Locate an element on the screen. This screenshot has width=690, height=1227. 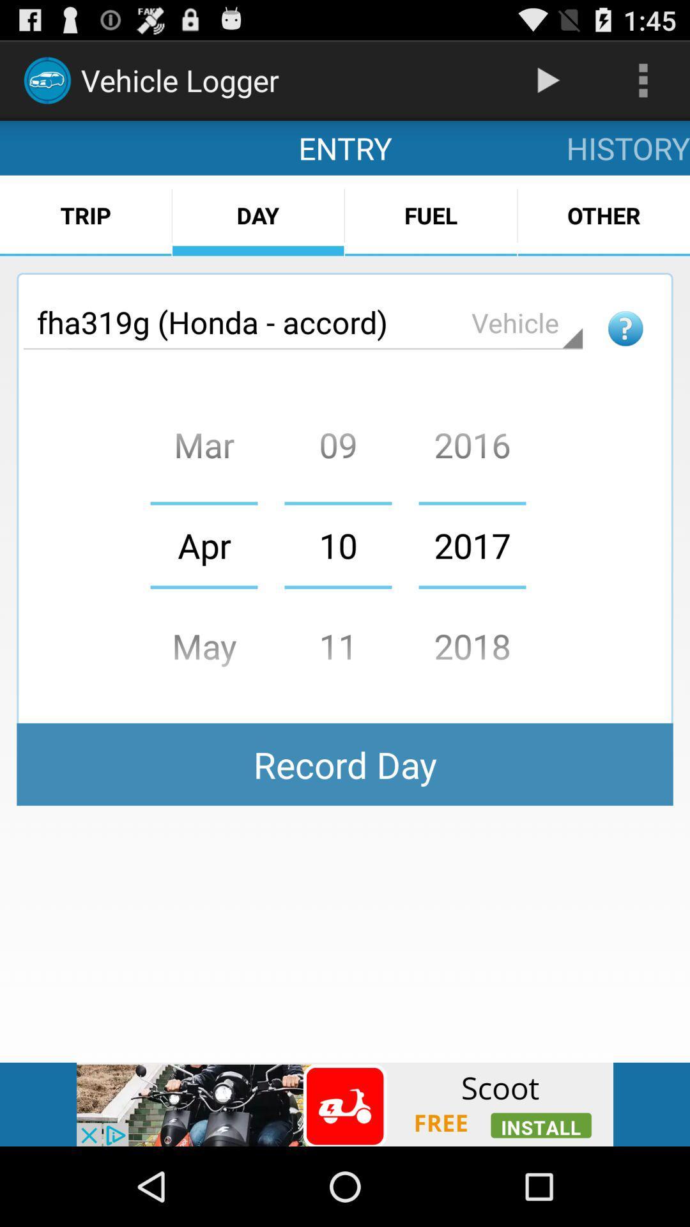
scoot option is located at coordinates (345, 1104).